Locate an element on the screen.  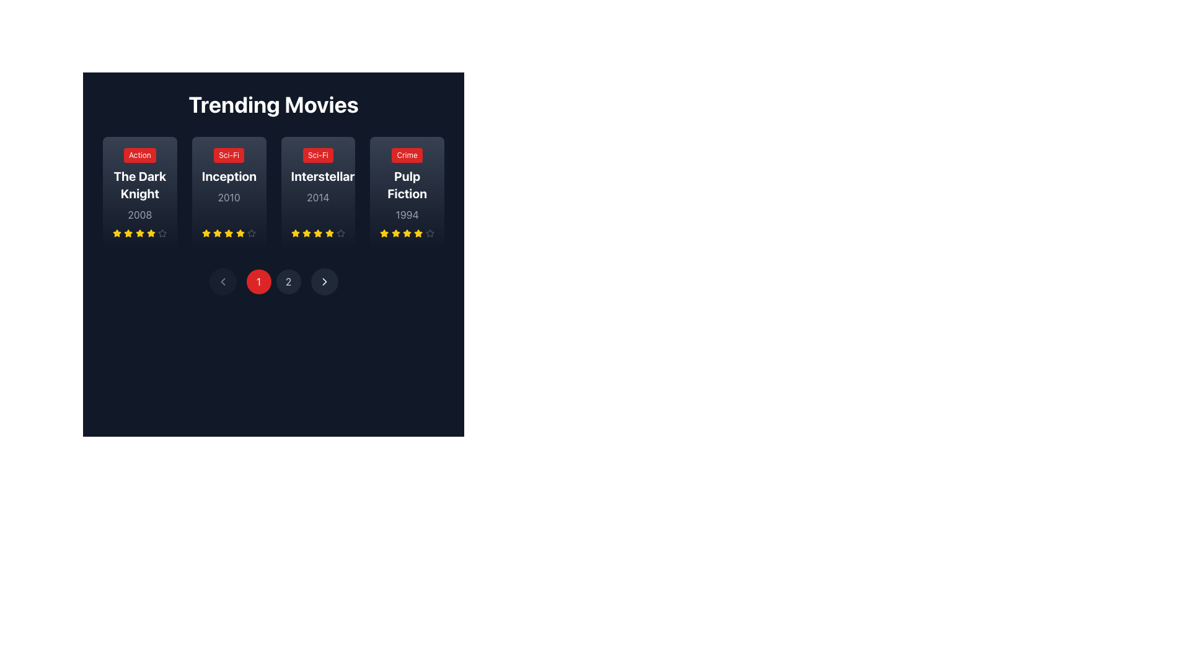
the third star icon in the movie rating system under the 'Inception' movie card to specify a rating is located at coordinates (229, 233).